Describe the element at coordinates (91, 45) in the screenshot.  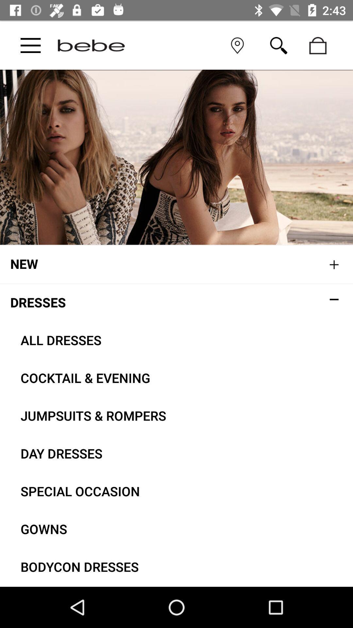
I see `bebe` at that location.